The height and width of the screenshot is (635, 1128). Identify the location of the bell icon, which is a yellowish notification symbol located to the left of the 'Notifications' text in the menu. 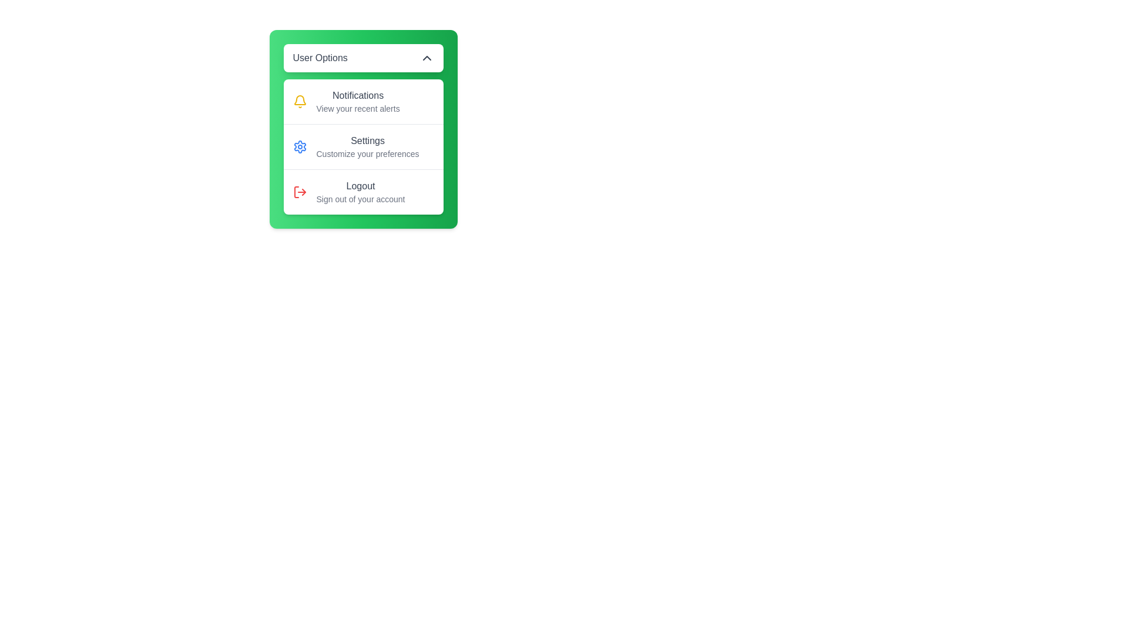
(300, 101).